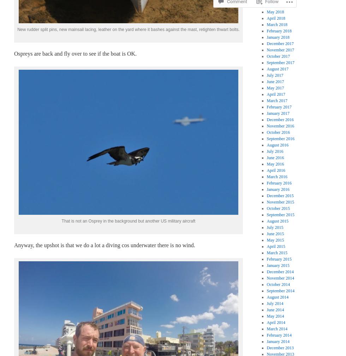  What do you see at coordinates (279, 106) in the screenshot?
I see `'February 2017'` at bounding box center [279, 106].